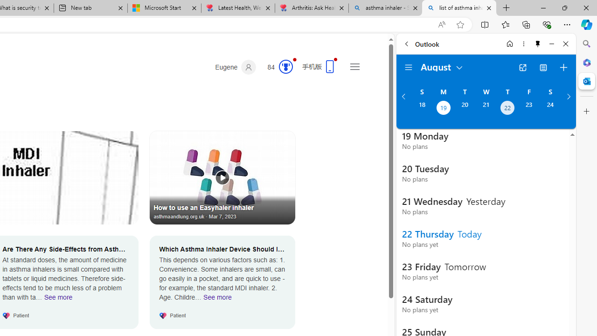 The width and height of the screenshot is (597, 336). What do you see at coordinates (486, 108) in the screenshot?
I see `'Wednesday, August 21, 2024. '` at bounding box center [486, 108].